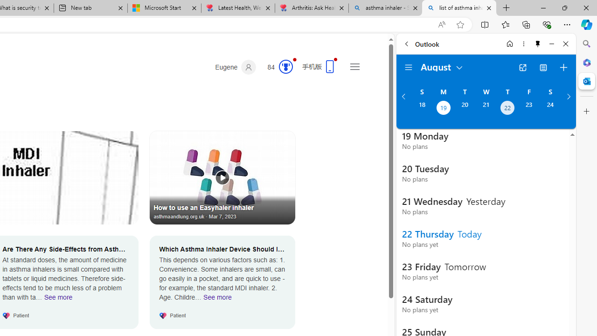 The width and height of the screenshot is (597, 336). What do you see at coordinates (486, 108) in the screenshot?
I see `'Wednesday, August 21, 2024. '` at bounding box center [486, 108].